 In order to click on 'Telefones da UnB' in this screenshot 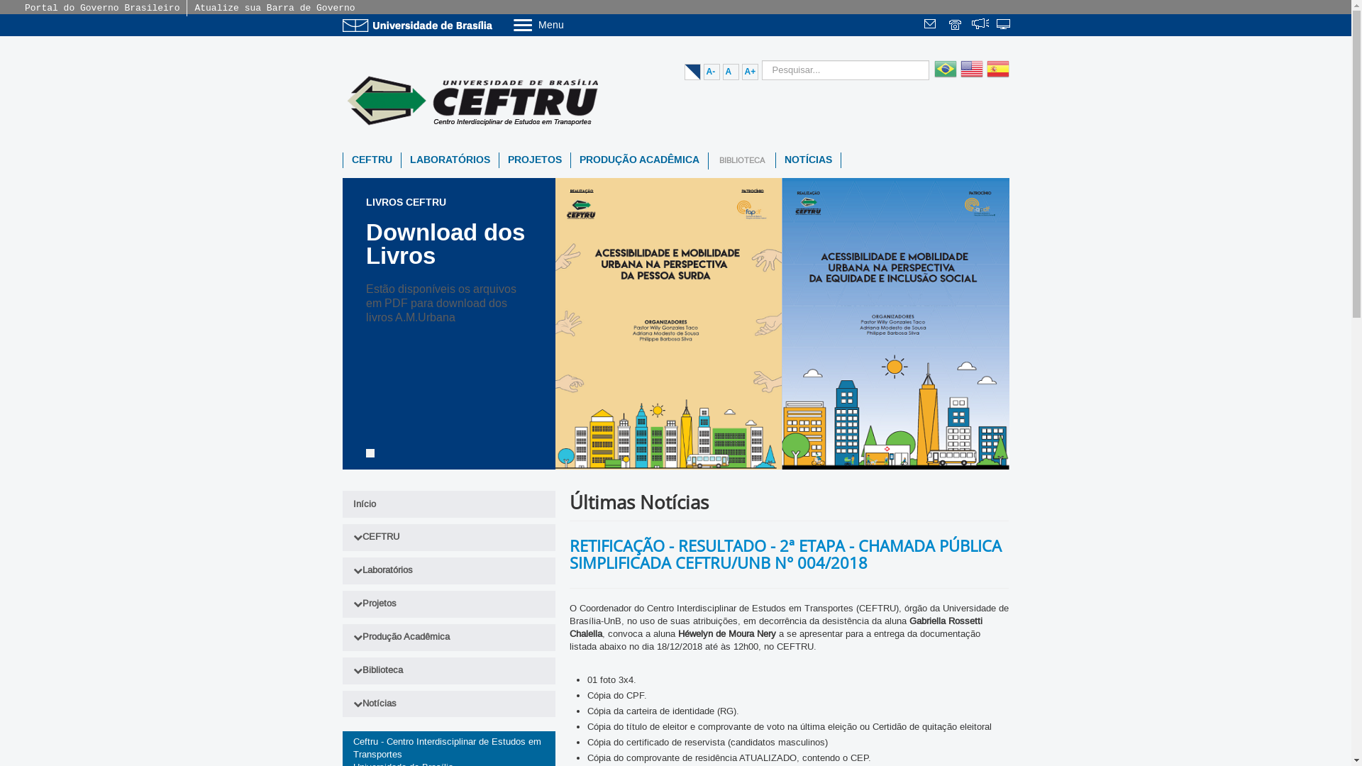, I will do `click(956, 26)`.